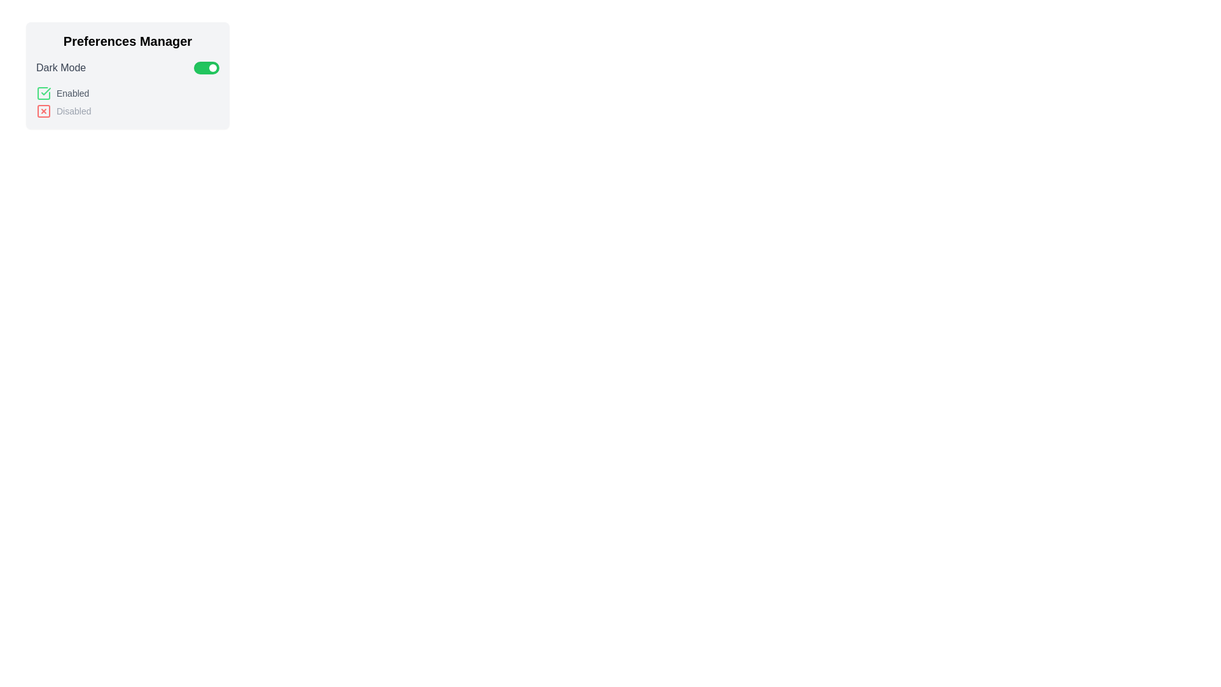 The image size is (1221, 687). What do you see at coordinates (128, 41) in the screenshot?
I see `the header text 'Preferences Manager', which is displayed in bold and large font at the top-center of the Preferences section` at bounding box center [128, 41].